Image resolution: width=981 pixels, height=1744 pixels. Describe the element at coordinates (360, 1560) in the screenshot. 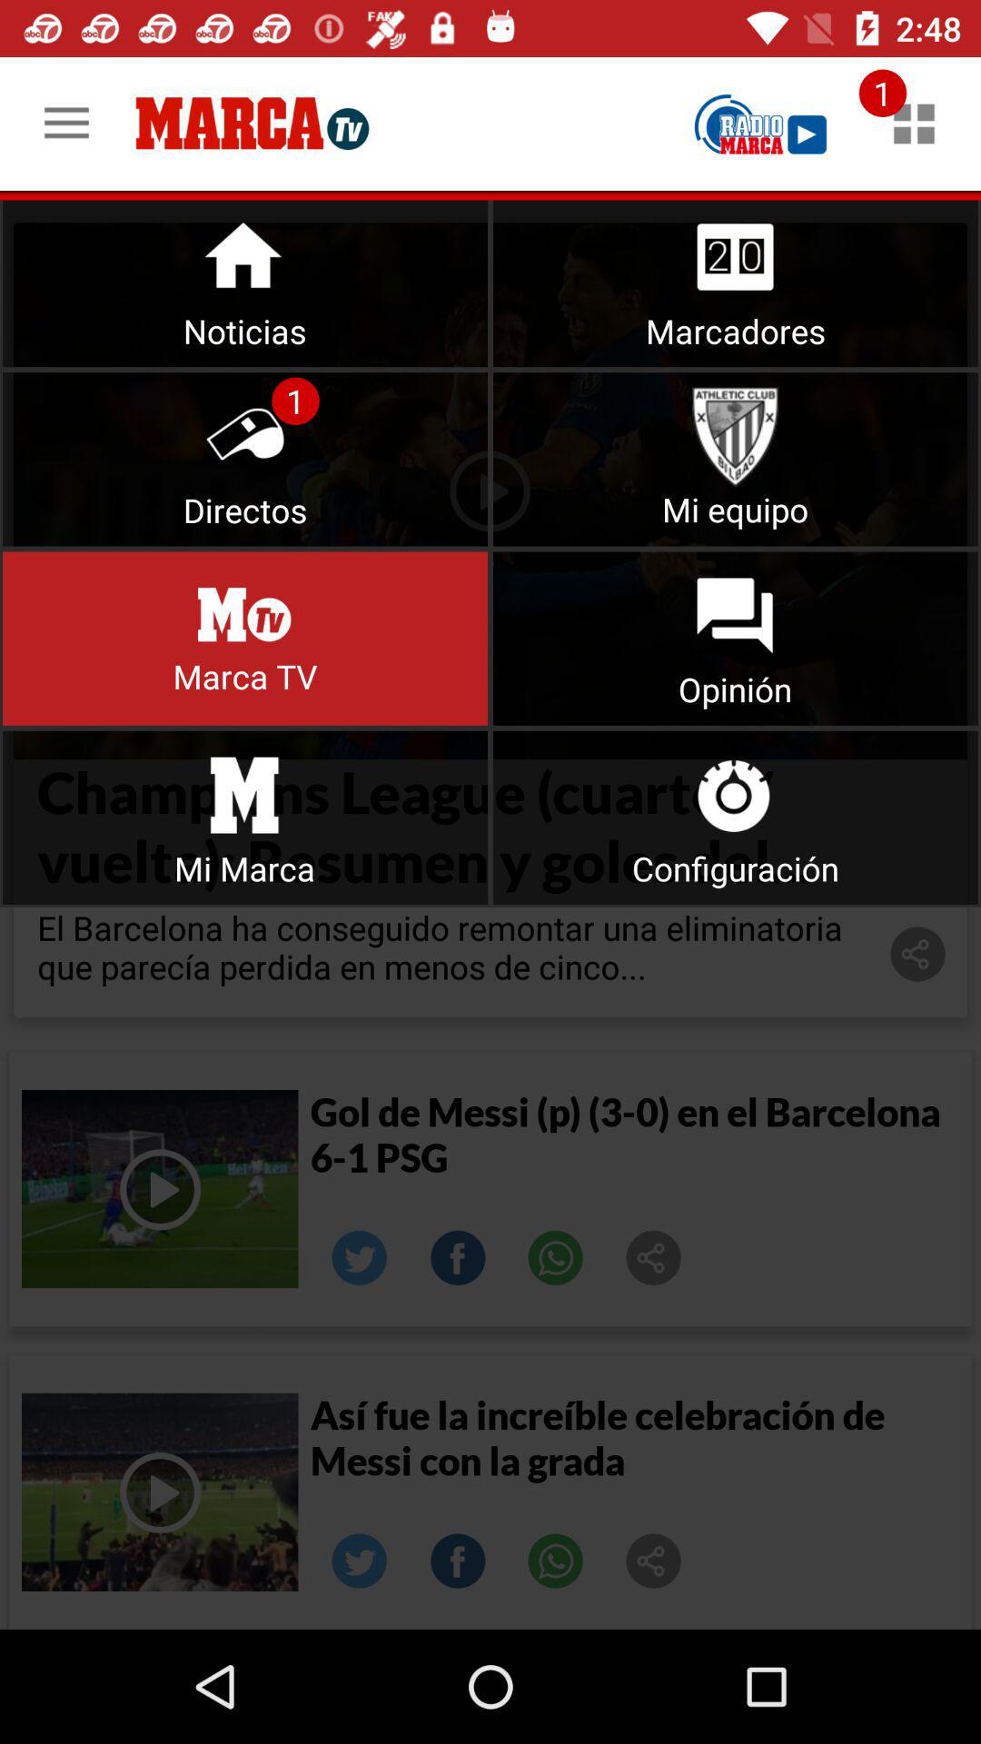

I see `click on the twitter option for the second result` at that location.